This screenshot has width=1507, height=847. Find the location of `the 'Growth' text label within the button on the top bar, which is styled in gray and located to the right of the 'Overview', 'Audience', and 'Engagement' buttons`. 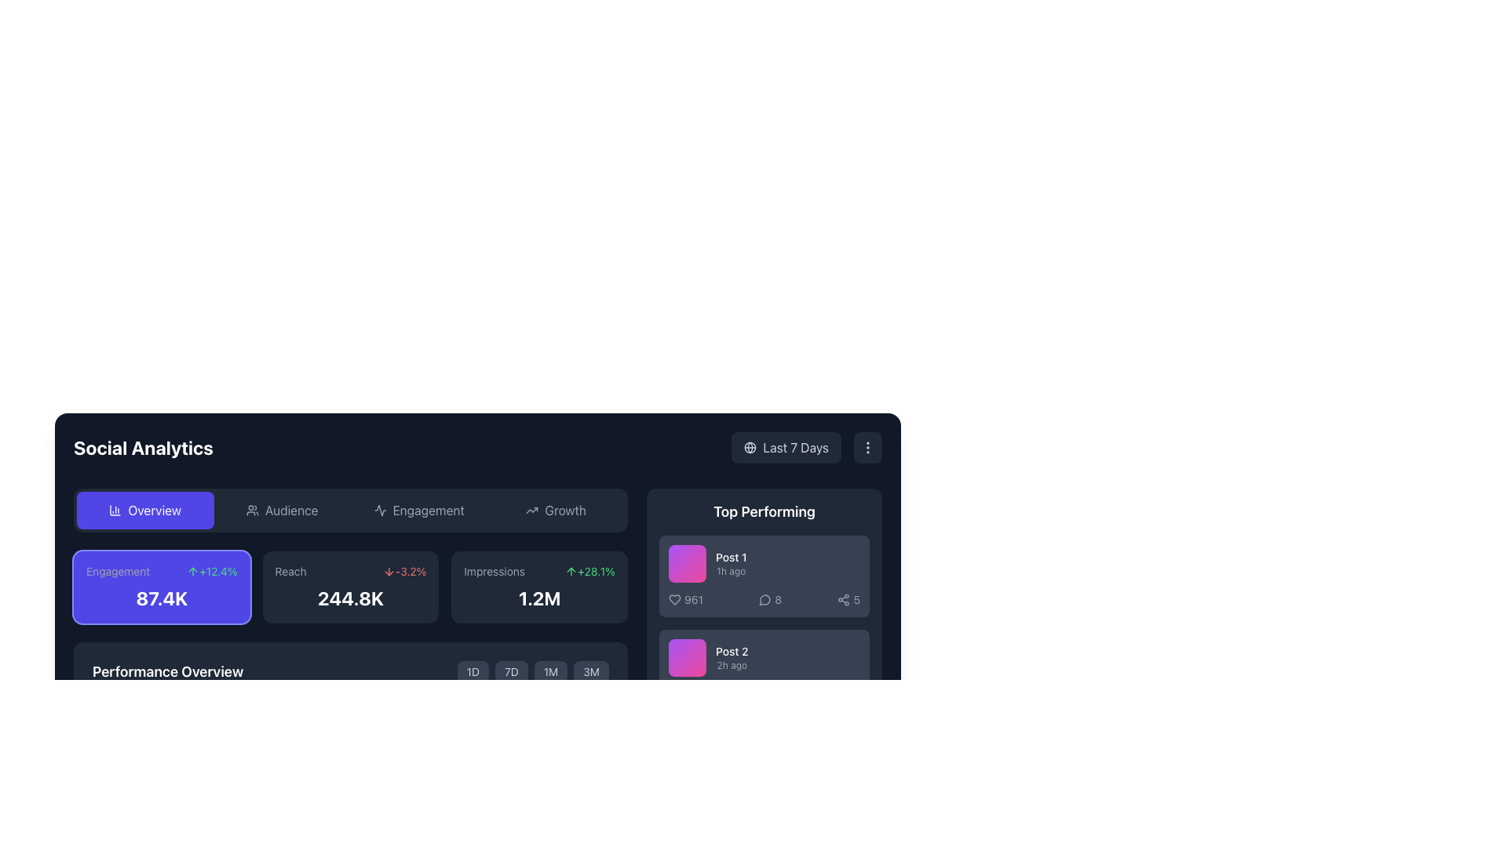

the 'Growth' text label within the button on the top bar, which is styled in gray and located to the right of the 'Overview', 'Audience', and 'Engagement' buttons is located at coordinates (565, 511).